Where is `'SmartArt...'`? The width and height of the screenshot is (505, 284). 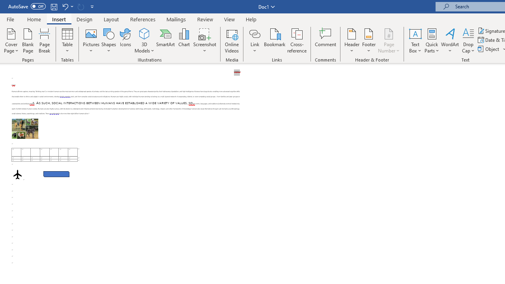
'SmartArt...' is located at coordinates (165, 41).